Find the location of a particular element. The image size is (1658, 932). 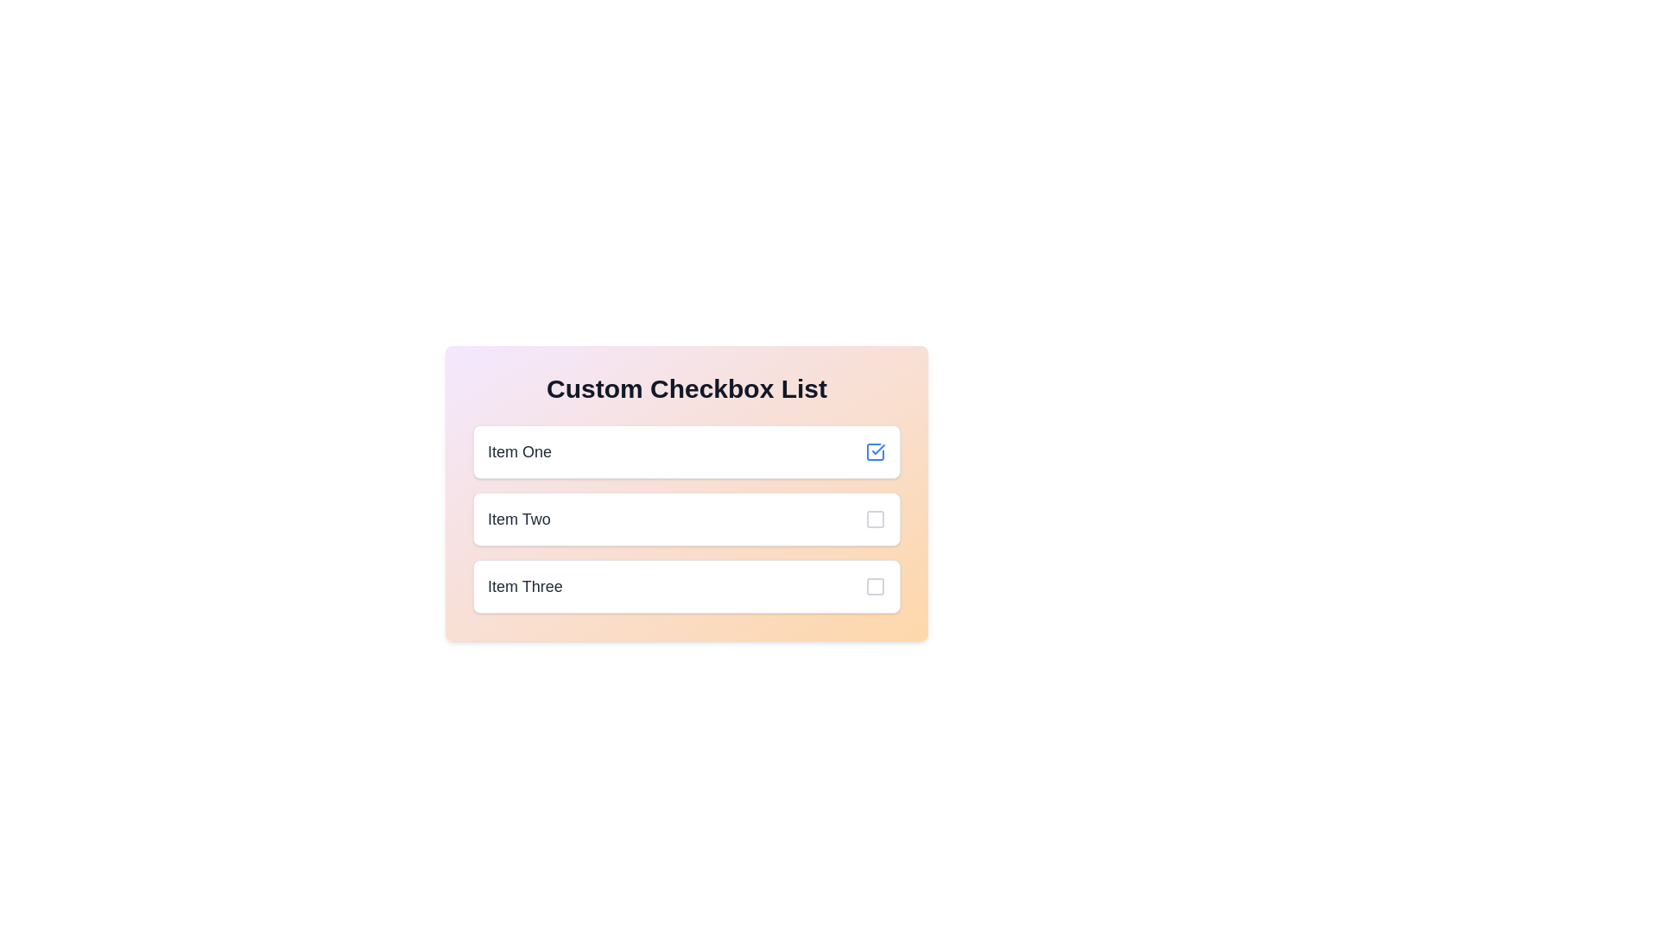

the text label of Item Three to toggle its selection is located at coordinates (524, 585).